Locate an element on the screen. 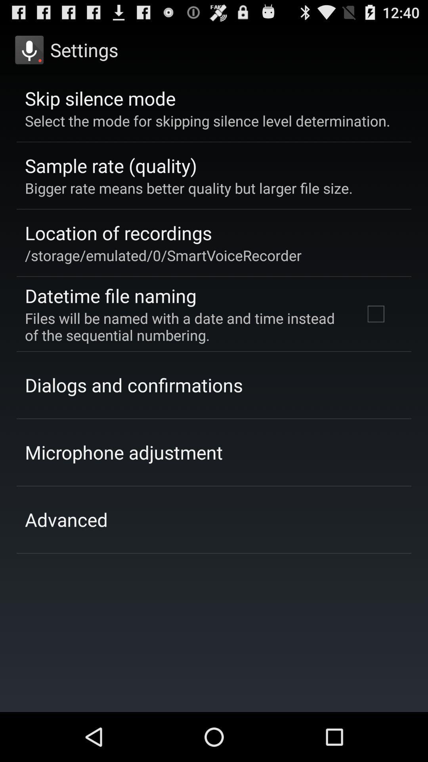  the item below location of recordings item is located at coordinates (163, 255).